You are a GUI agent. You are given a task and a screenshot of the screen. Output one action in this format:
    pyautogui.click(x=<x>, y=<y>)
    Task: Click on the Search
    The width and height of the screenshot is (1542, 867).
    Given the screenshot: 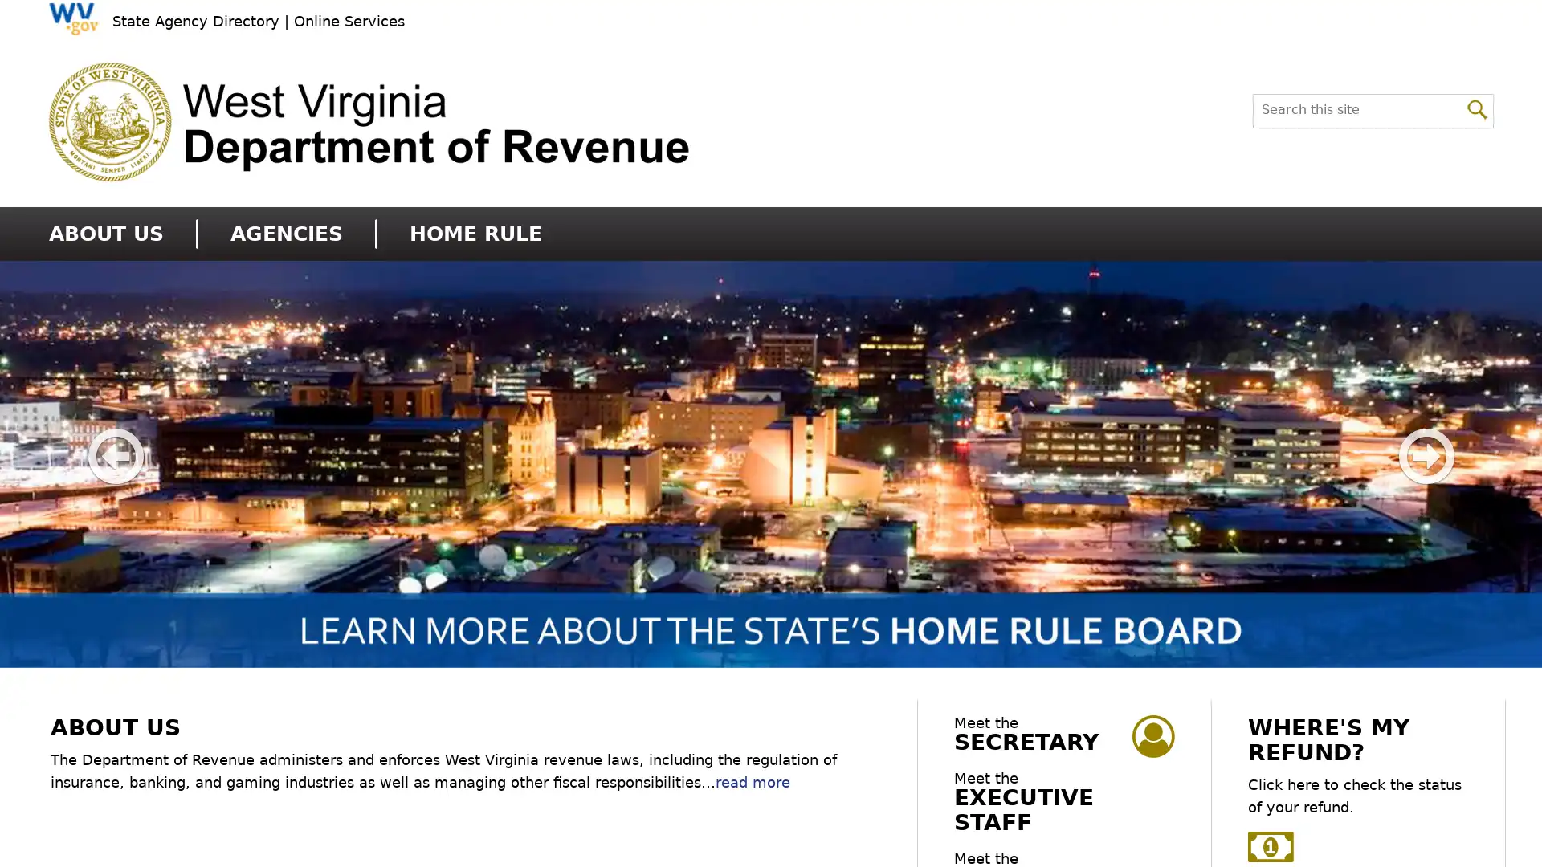 What is the action you would take?
    pyautogui.click(x=1477, y=108)
    